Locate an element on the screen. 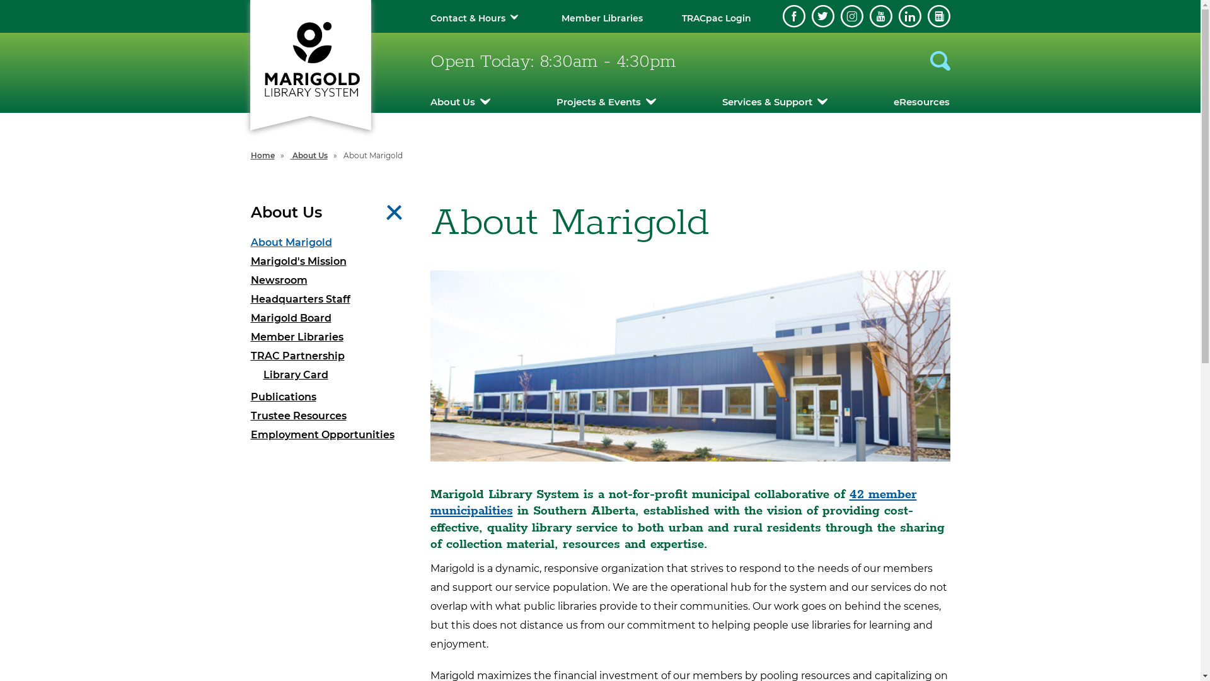 The height and width of the screenshot is (681, 1210). 'Publications' is located at coordinates (331, 396).